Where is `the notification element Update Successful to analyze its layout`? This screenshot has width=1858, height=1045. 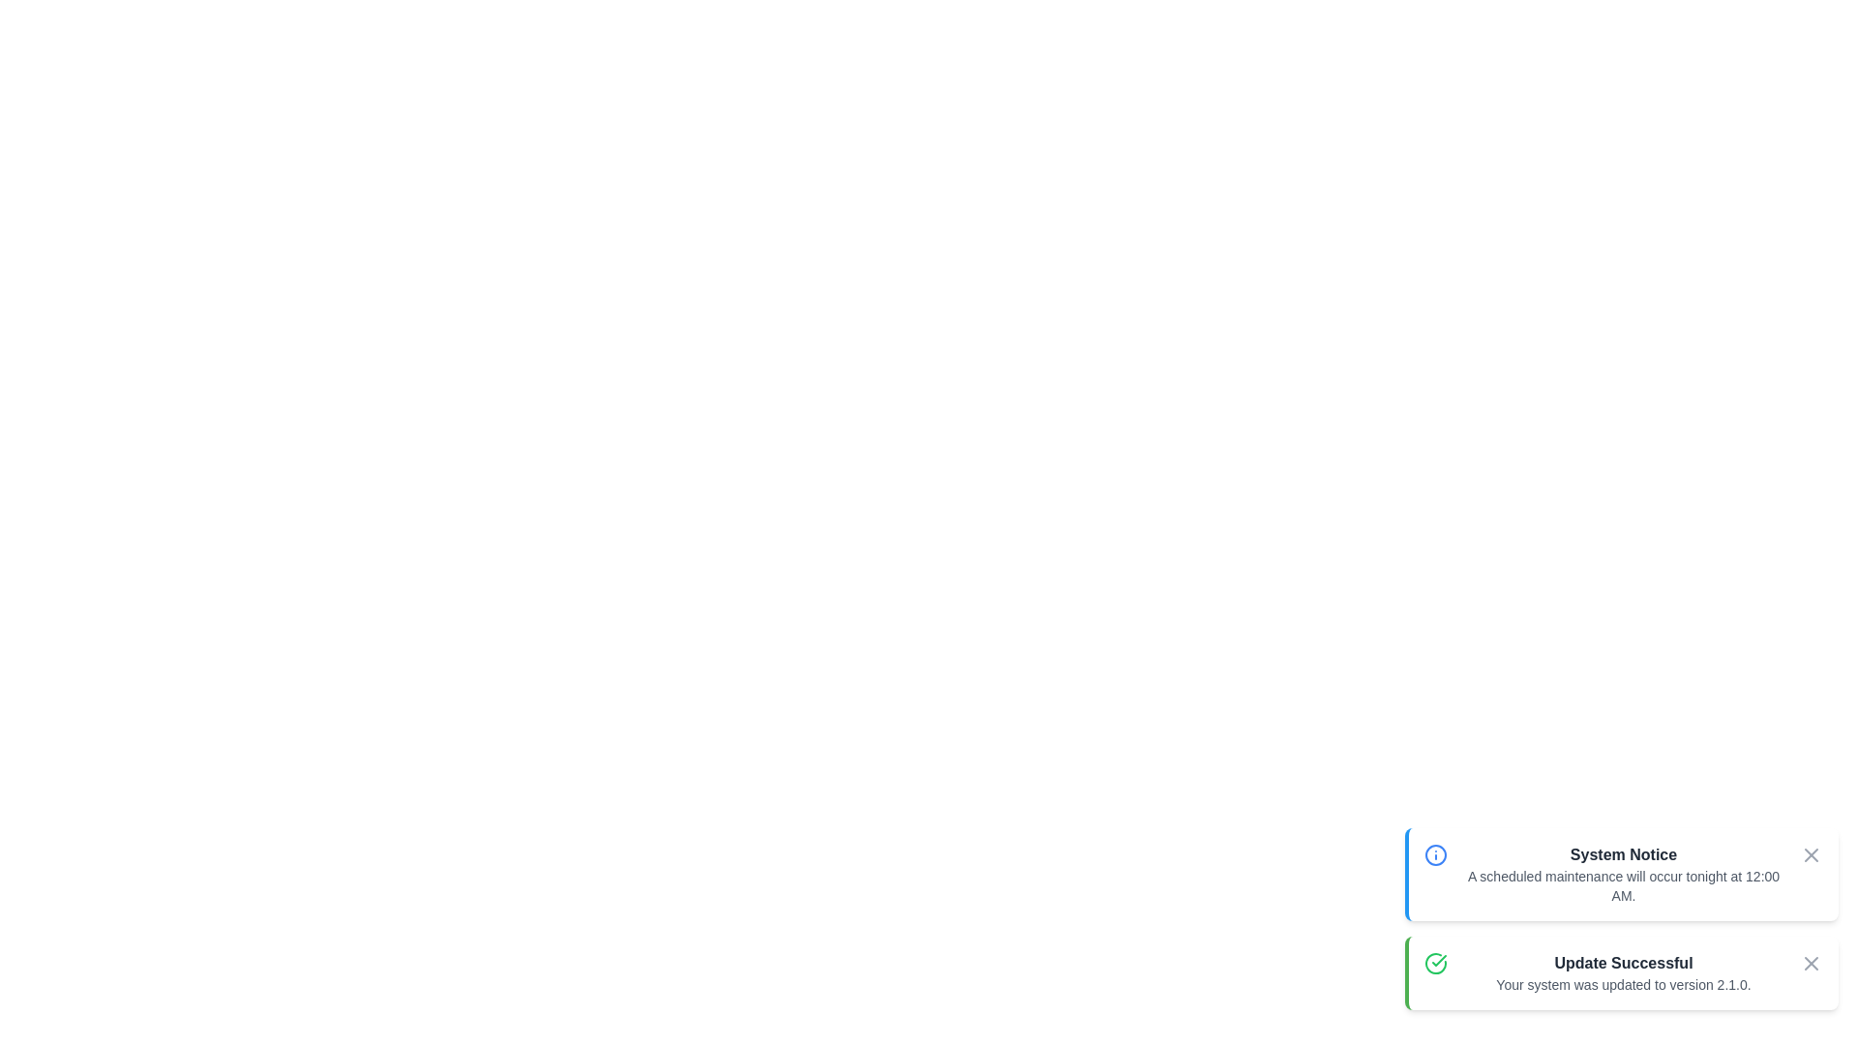 the notification element Update Successful to analyze its layout is located at coordinates (1621, 973).